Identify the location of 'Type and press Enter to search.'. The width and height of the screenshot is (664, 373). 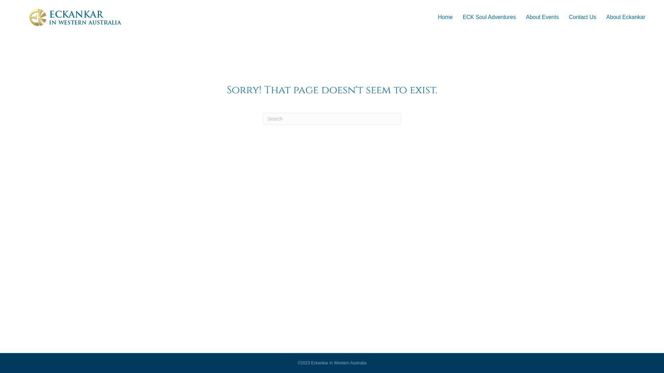
(332, 118).